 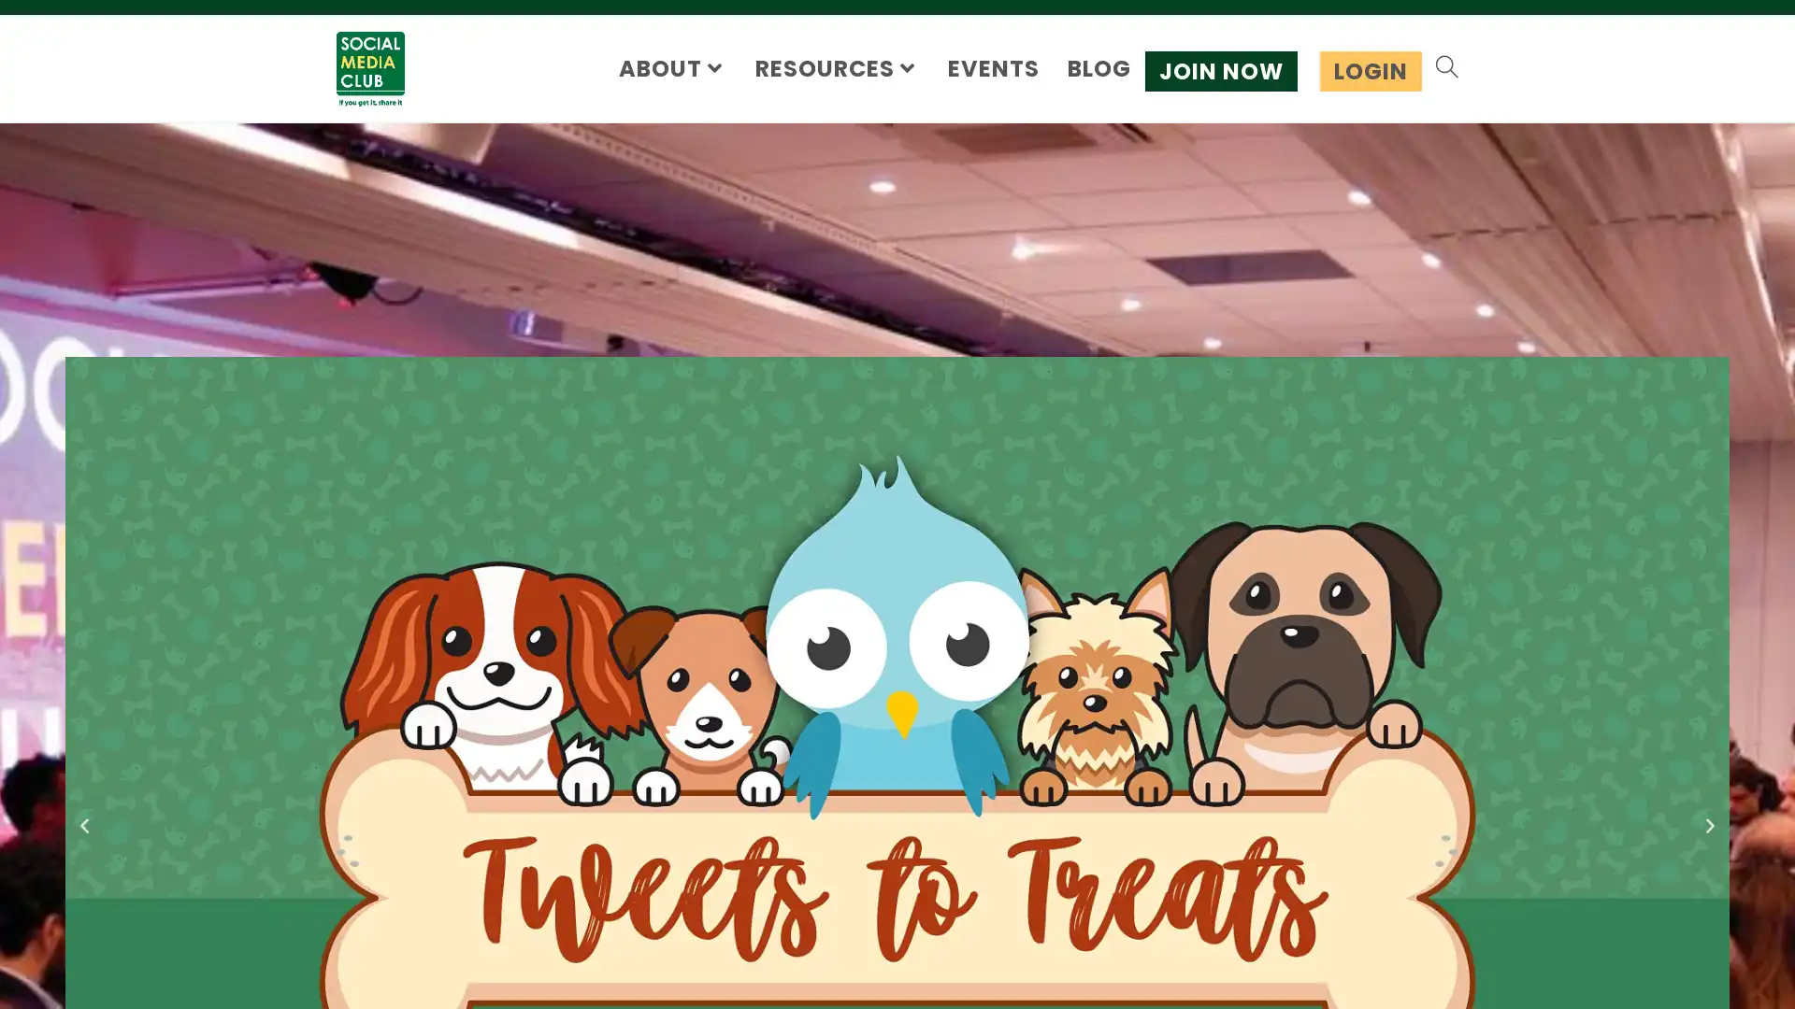 I want to click on Next slide, so click(x=1710, y=823).